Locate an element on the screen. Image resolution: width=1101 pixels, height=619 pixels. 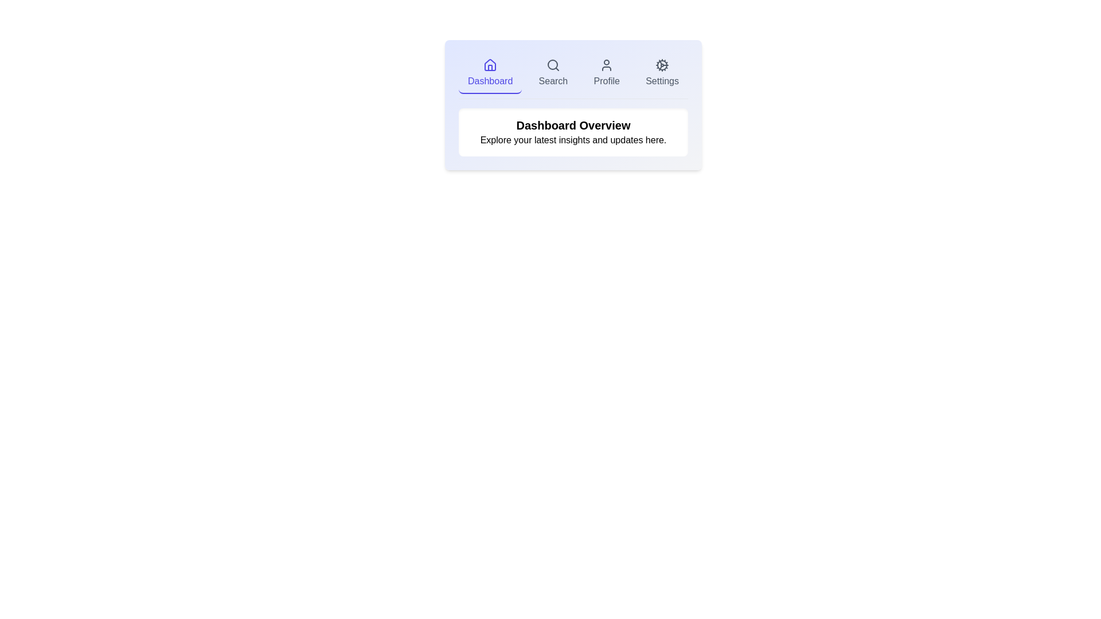
the settings icon located at the far right of the navigation options is located at coordinates (662, 65).